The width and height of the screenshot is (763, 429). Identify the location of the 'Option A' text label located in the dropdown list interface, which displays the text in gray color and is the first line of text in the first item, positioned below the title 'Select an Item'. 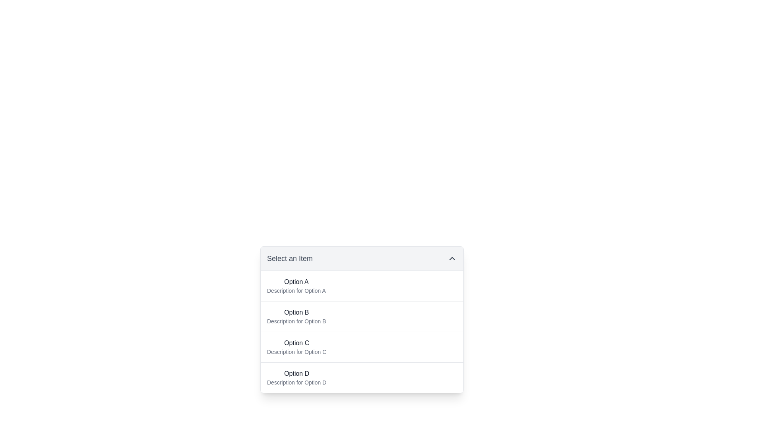
(296, 281).